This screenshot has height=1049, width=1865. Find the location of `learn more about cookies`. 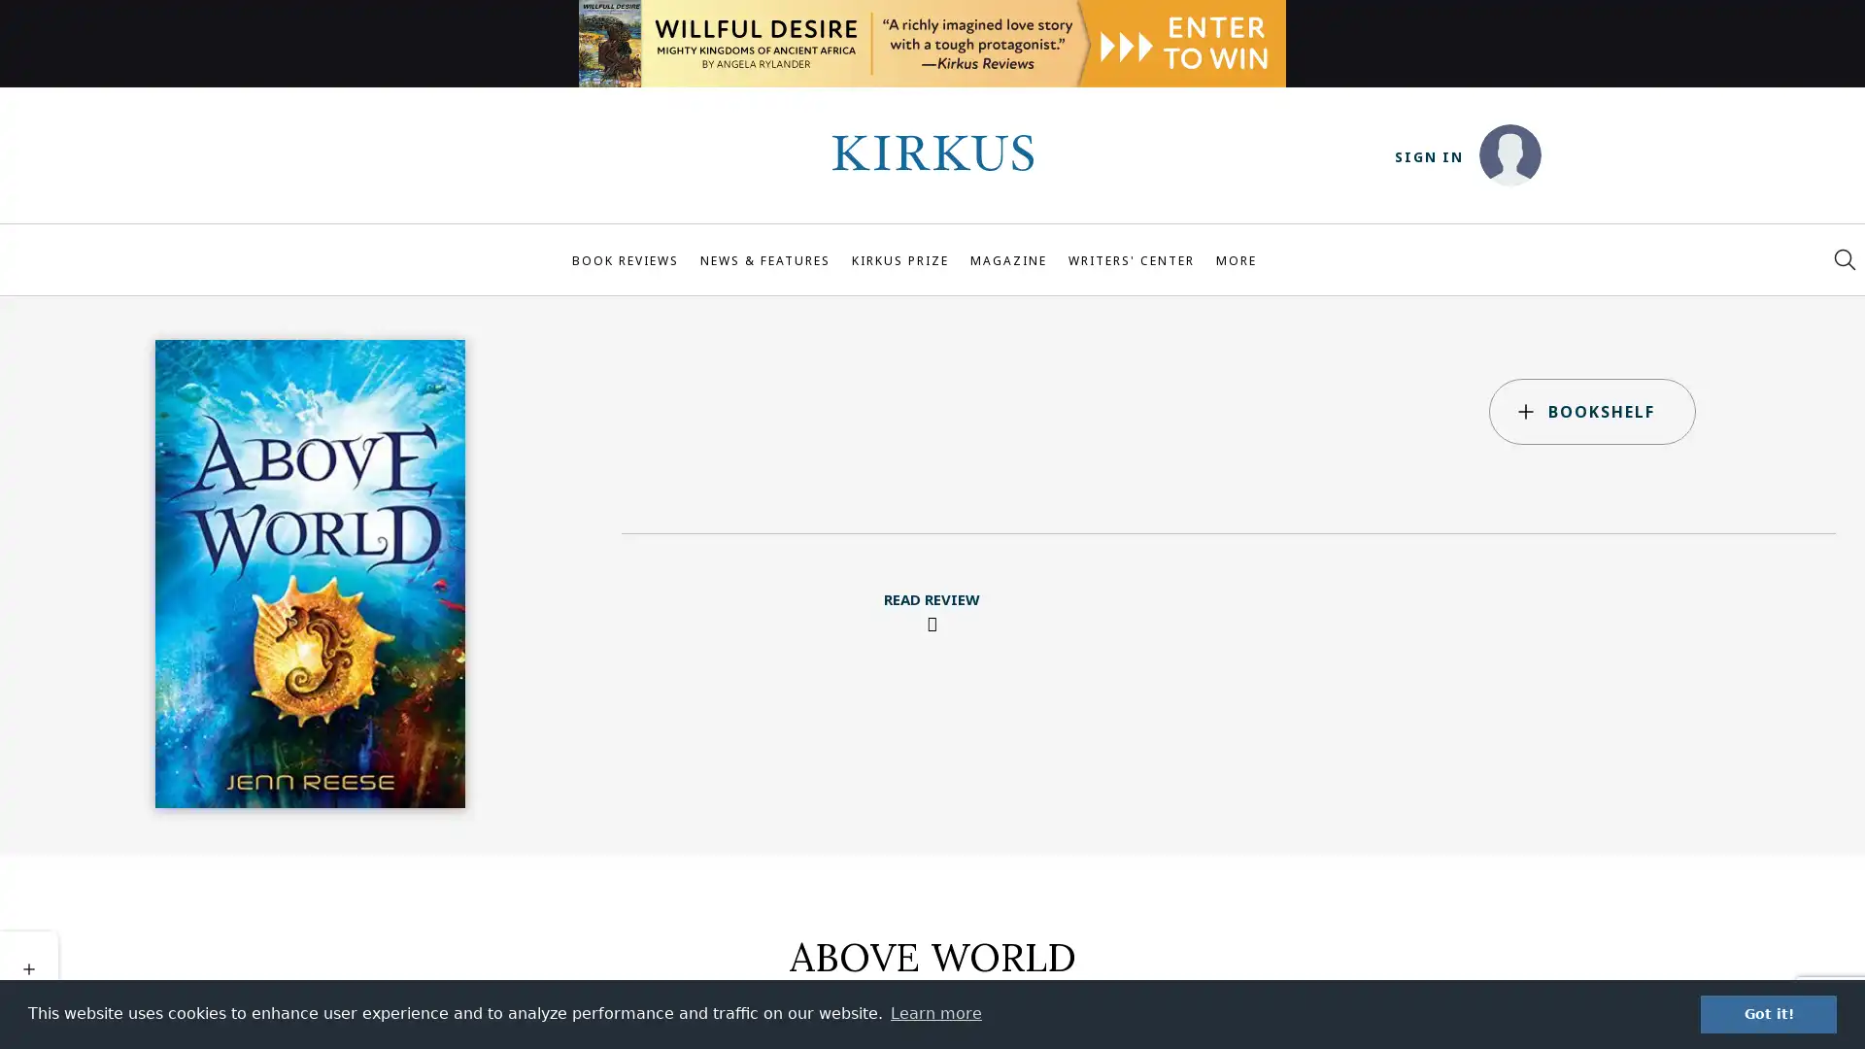

learn more about cookies is located at coordinates (935, 1013).